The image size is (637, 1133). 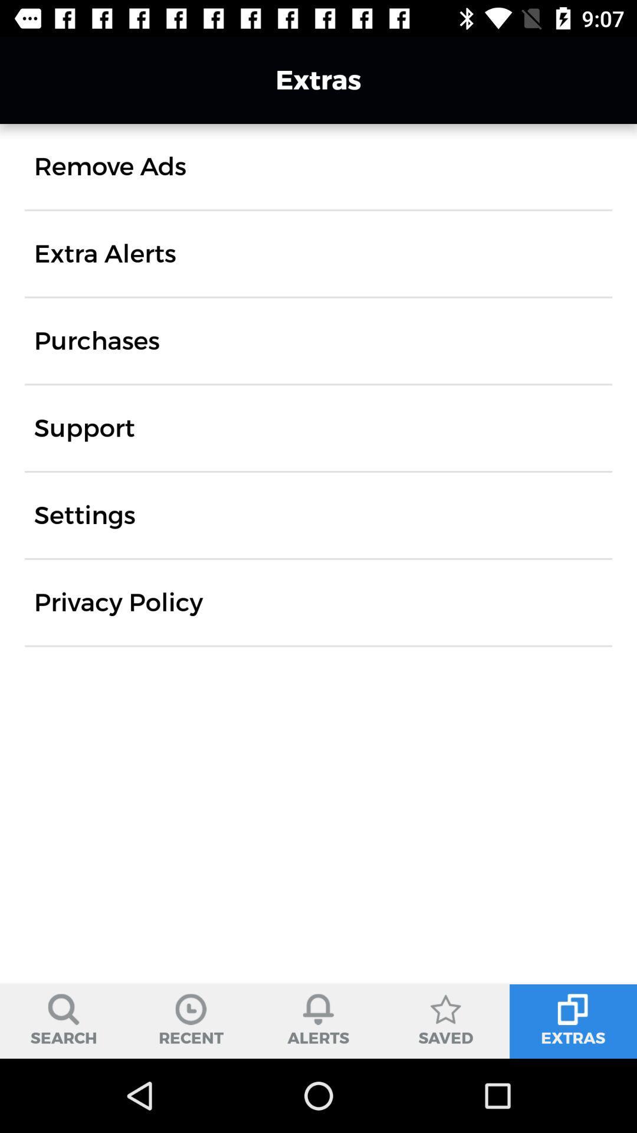 I want to click on the item above purchases icon, so click(x=104, y=253).